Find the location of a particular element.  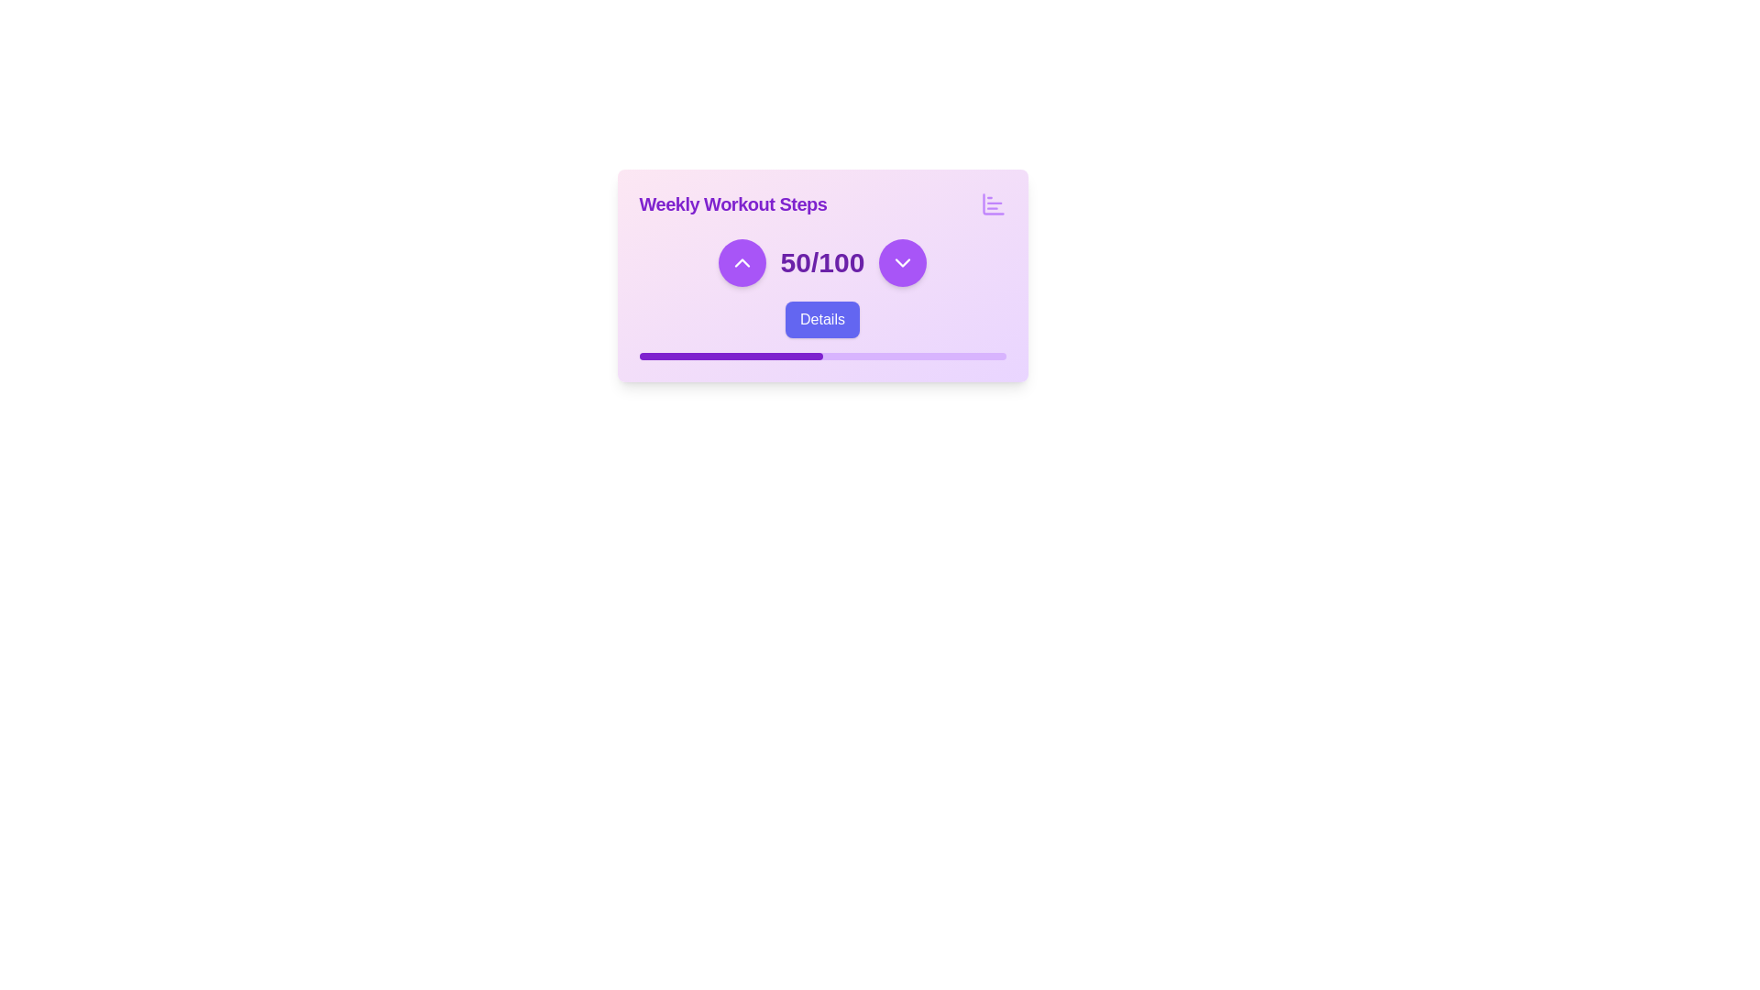

the purple bar chart icon located in the top-right corner of the 'Weekly Workout Steps' card, which features three horizontal lines of varying lengths is located at coordinates (992, 204).